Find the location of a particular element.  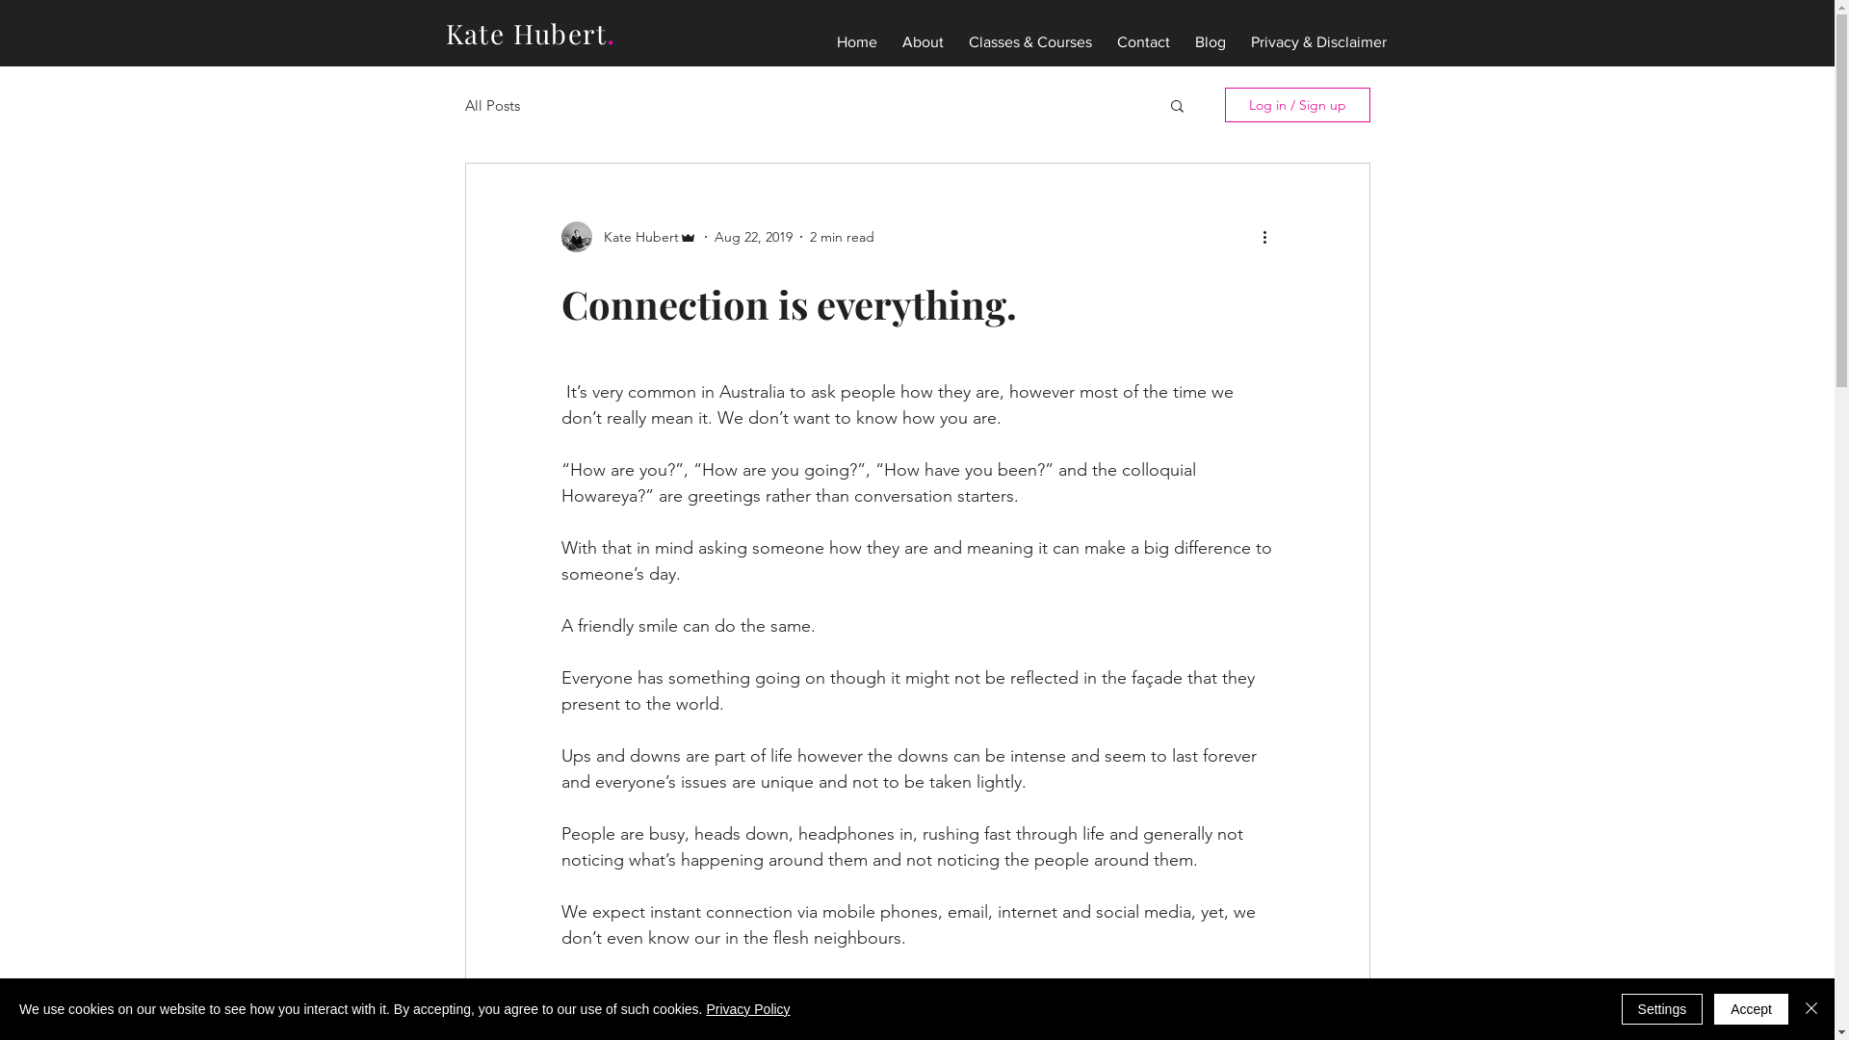

'Privacy & Disclaimer' is located at coordinates (1317, 33).